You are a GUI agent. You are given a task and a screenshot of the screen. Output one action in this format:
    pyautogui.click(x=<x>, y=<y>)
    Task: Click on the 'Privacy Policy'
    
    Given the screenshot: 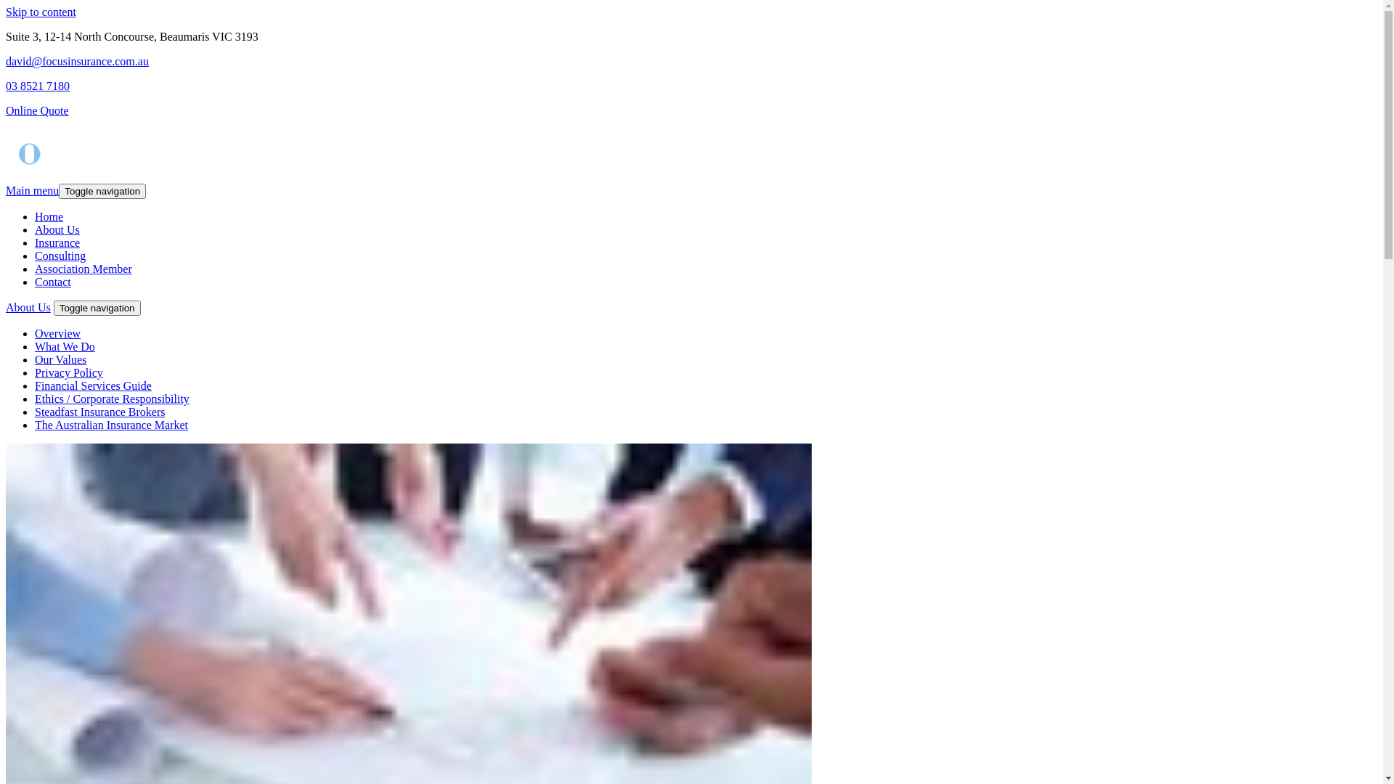 What is the action you would take?
    pyautogui.click(x=68, y=372)
    